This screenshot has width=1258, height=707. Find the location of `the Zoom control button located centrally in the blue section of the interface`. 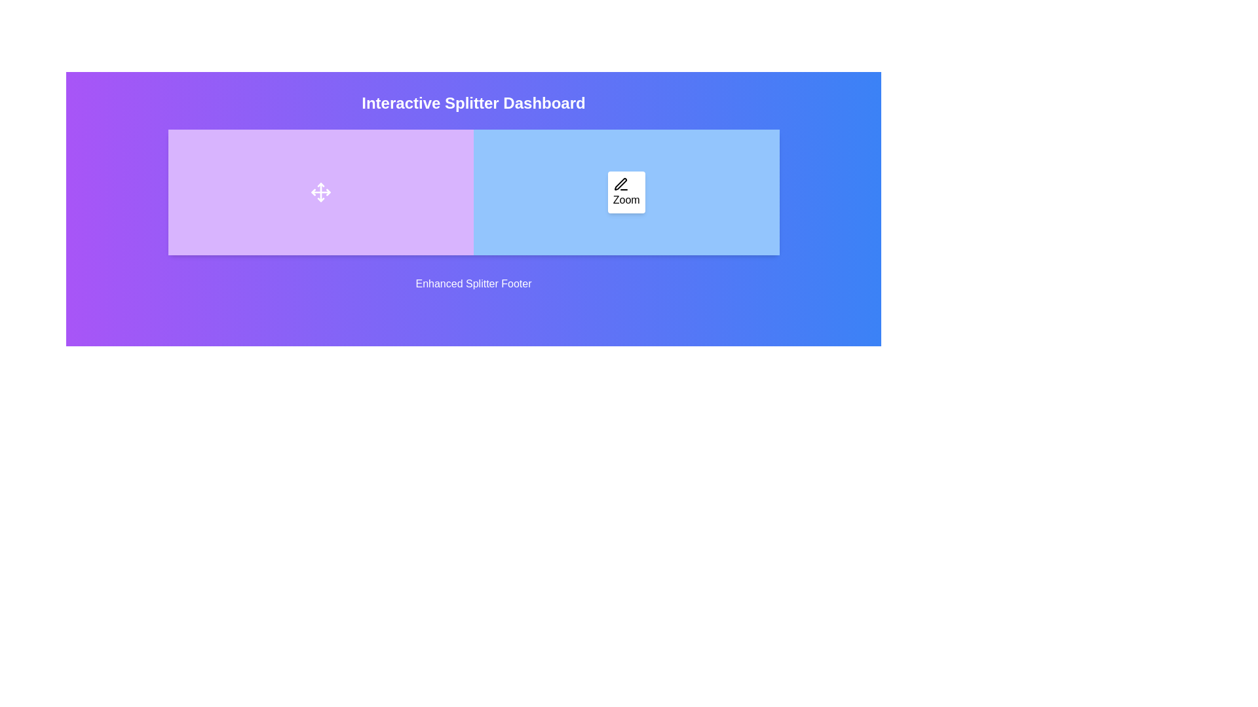

the Zoom control button located centrally in the blue section of the interface is located at coordinates (626, 192).